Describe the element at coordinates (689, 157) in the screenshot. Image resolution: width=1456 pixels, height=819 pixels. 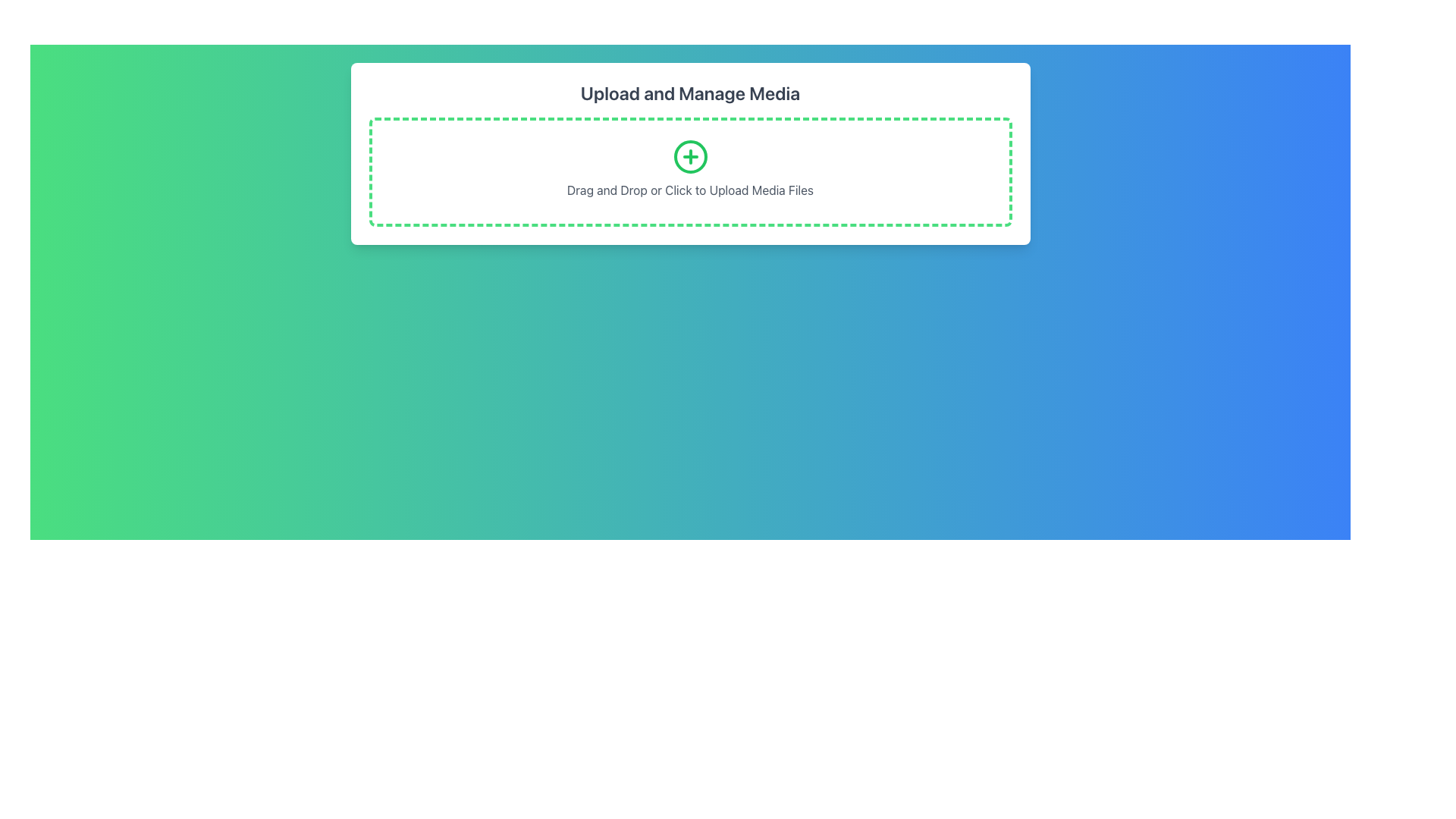
I see `the circular green outlined icon with a plus symbol (+) in its center to initiate the upload process` at that location.